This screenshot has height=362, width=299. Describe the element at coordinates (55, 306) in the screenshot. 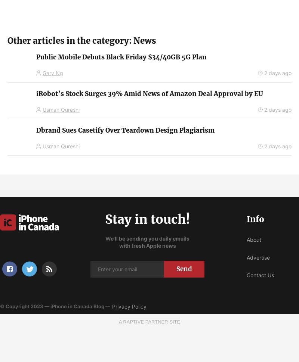

I see `'© Copyright 2023 — 
					iPhone in Canada Blog —'` at that location.